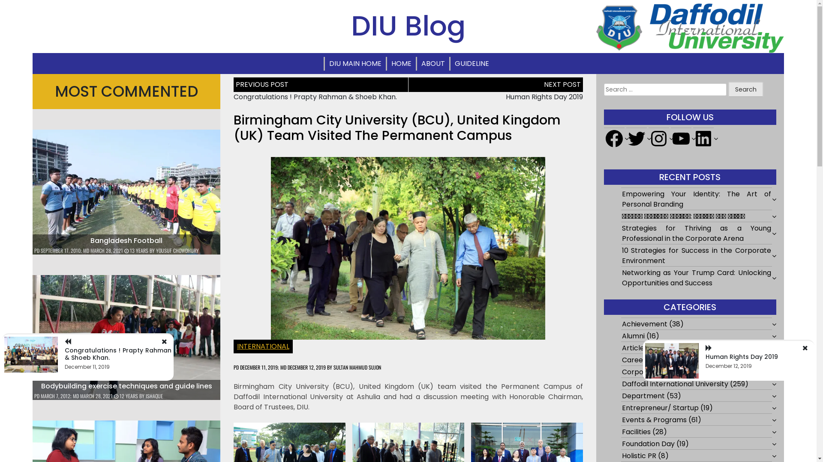  I want to click on 'Facilities', so click(636, 432).